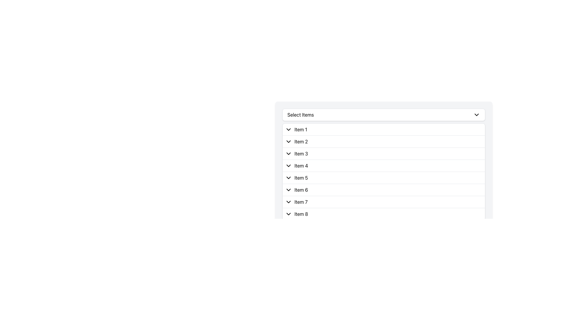 The width and height of the screenshot is (566, 318). Describe the element at coordinates (296, 129) in the screenshot. I see `the chevron icon of the first List Item labeled 'Item 1'` at that location.